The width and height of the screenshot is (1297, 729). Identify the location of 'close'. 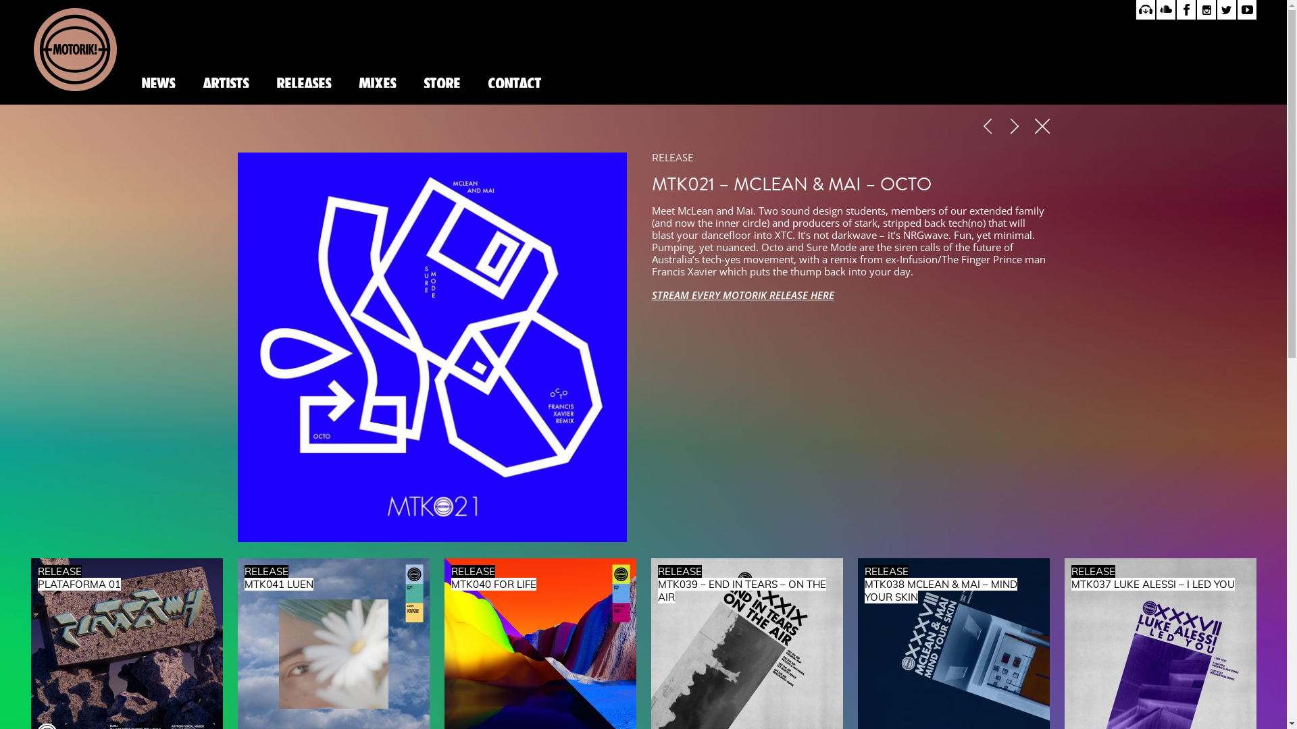
(1034, 128).